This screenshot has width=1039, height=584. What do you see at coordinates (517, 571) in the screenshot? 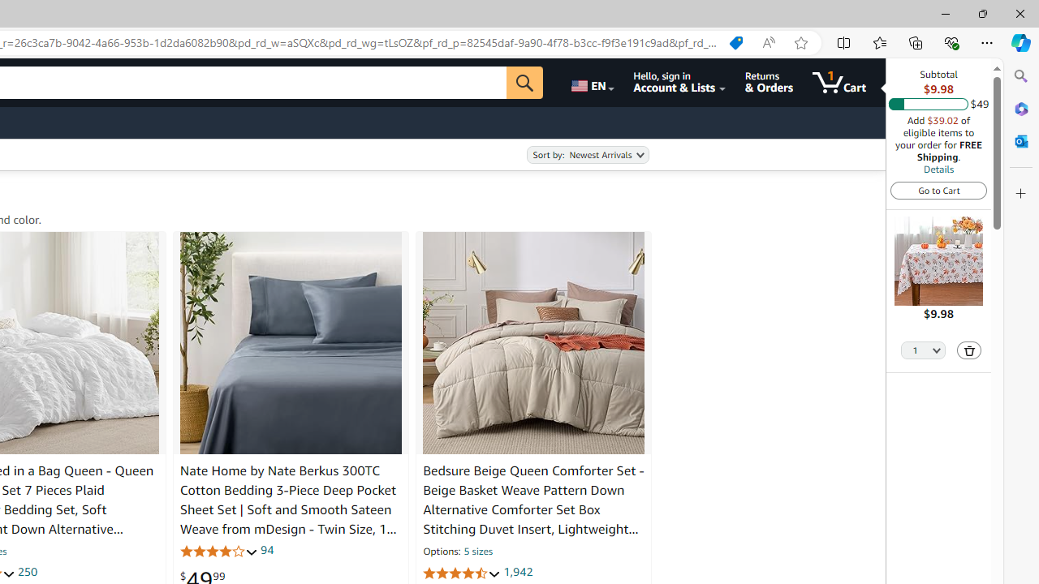
I see `'1,942'` at bounding box center [517, 571].